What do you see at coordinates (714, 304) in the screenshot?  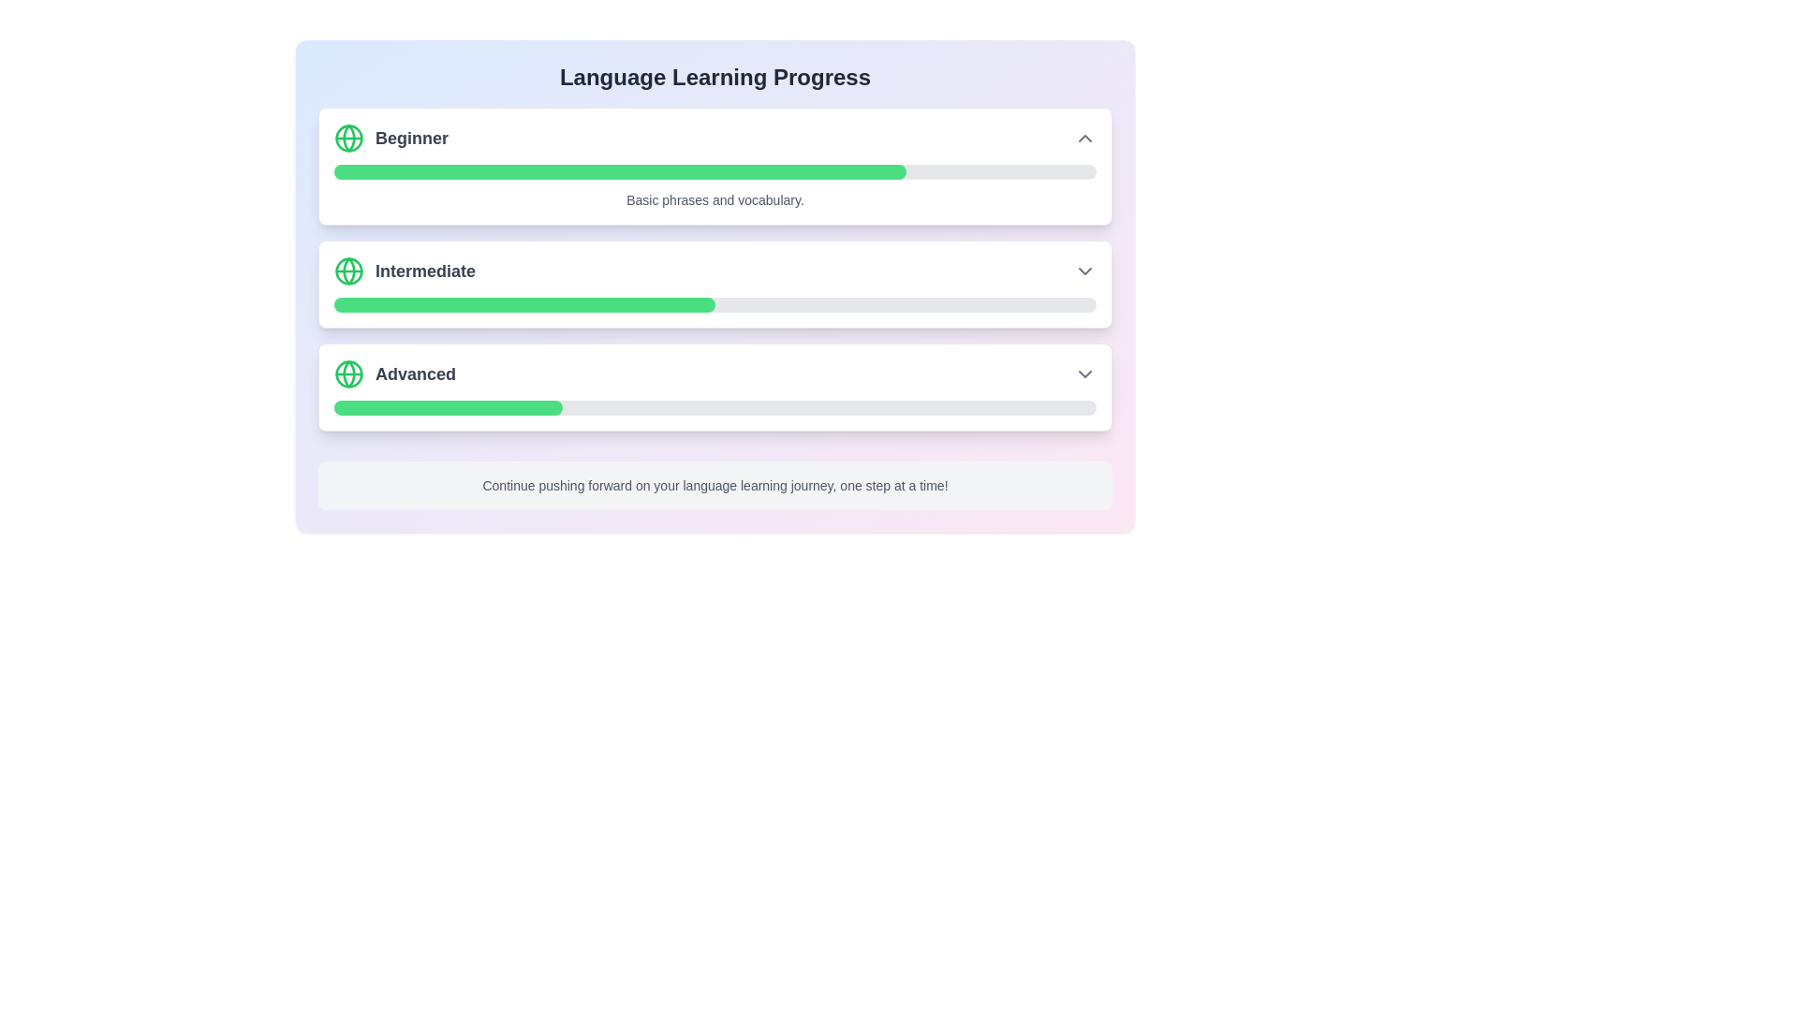 I see `the horizontal progress bar located in the 'Intermediate' section of the UI, which is light gray with a green filled portion indicating progress` at bounding box center [714, 304].